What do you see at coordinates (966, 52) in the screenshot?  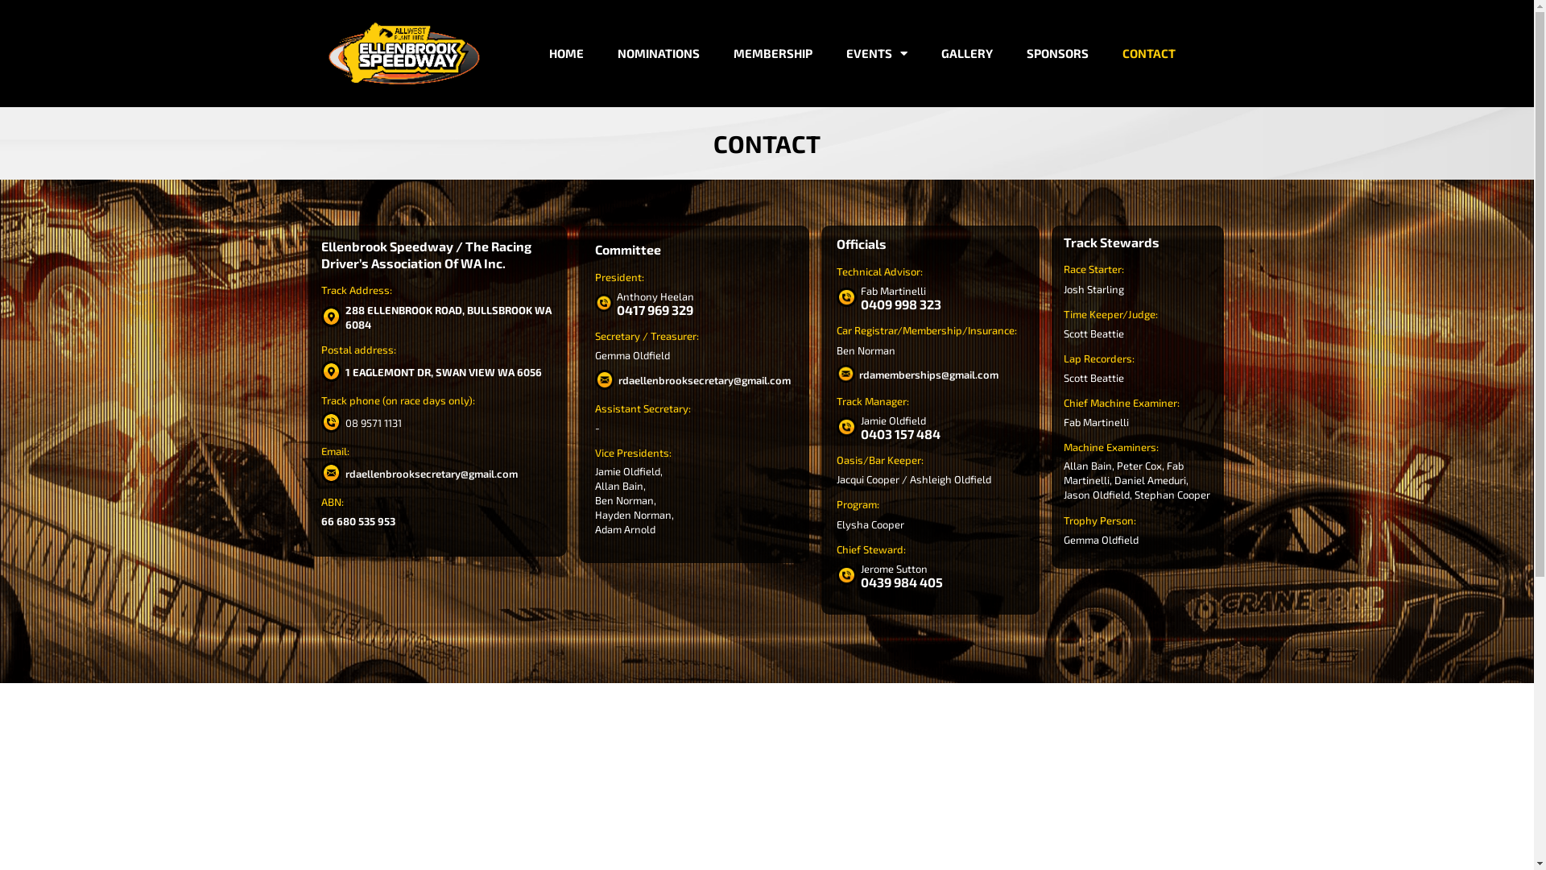 I see `'GALLERY'` at bounding box center [966, 52].